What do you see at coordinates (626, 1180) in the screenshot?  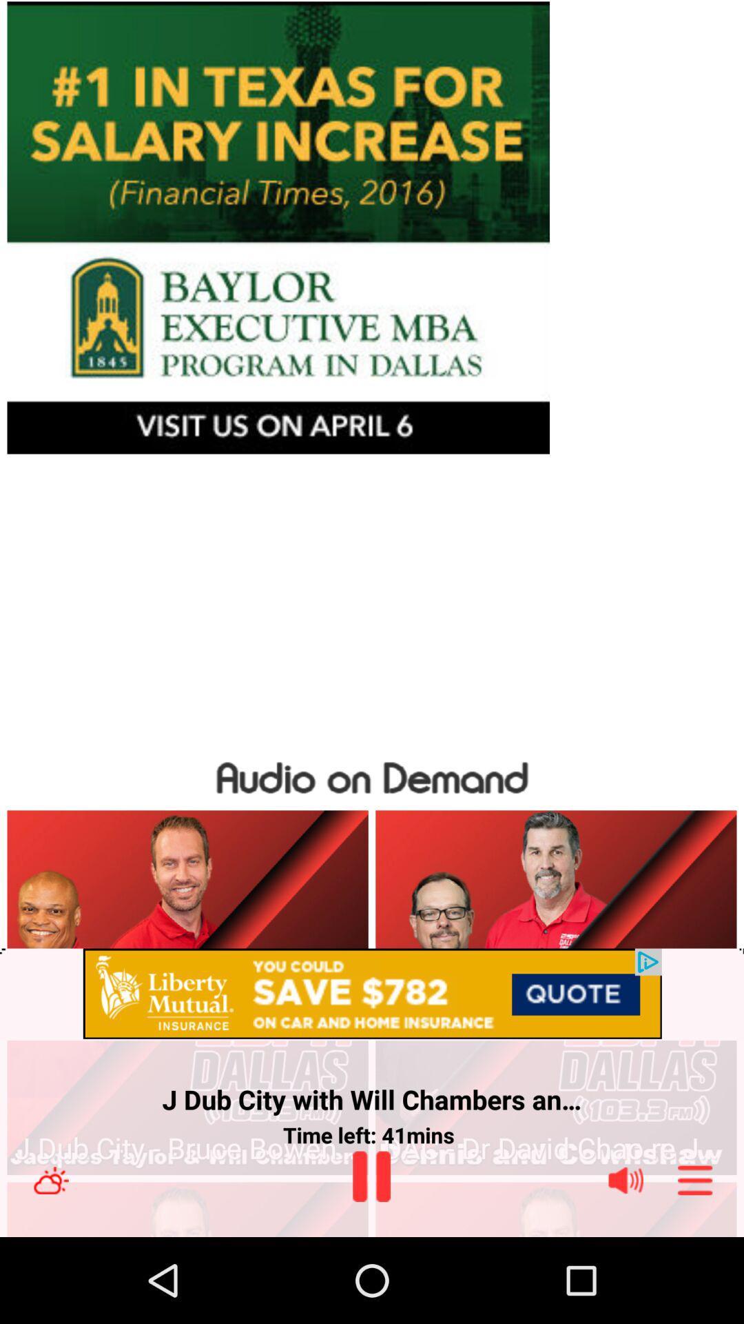 I see `the speaker icon` at bounding box center [626, 1180].